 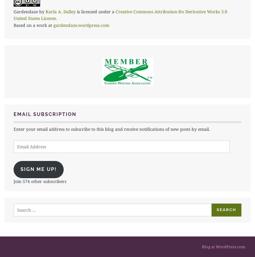 What do you see at coordinates (13, 114) in the screenshot?
I see `'Email Subscription'` at bounding box center [13, 114].